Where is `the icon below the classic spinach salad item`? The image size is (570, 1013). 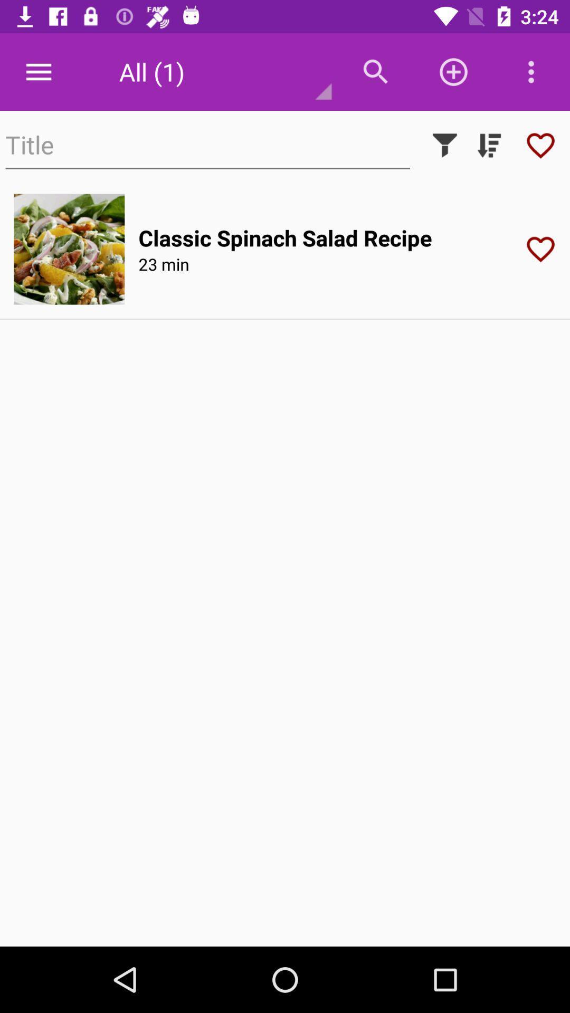
the icon below the classic spinach salad item is located at coordinates (164, 264).